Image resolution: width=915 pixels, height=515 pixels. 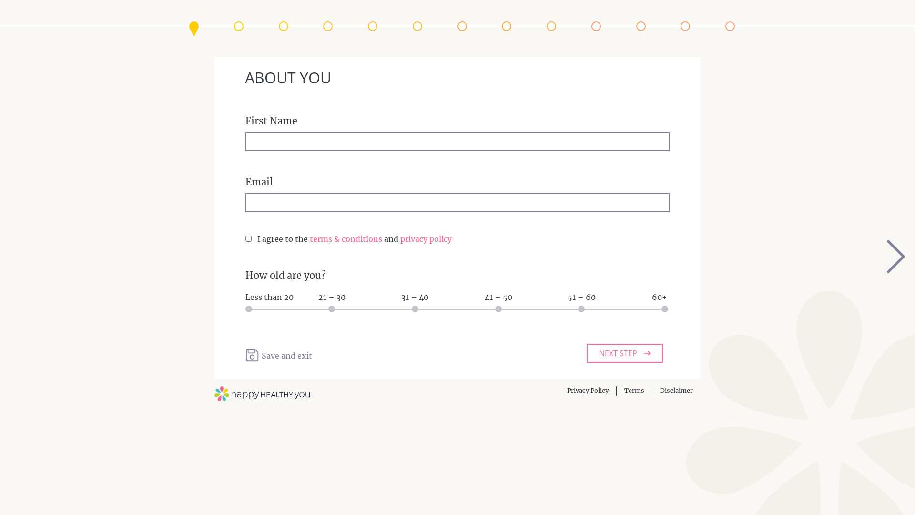 What do you see at coordinates (417, 25) in the screenshot?
I see `'Menstrual Profile'` at bounding box center [417, 25].